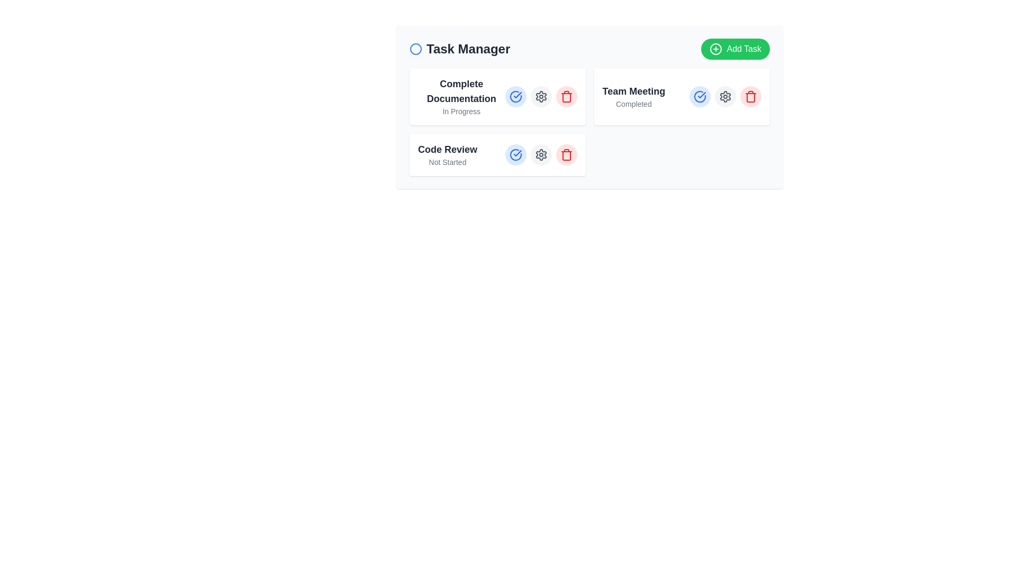  I want to click on the 'Code Review' text block, which contains the text 'Not Started' below it, located in the task manager interface, so click(447, 155).